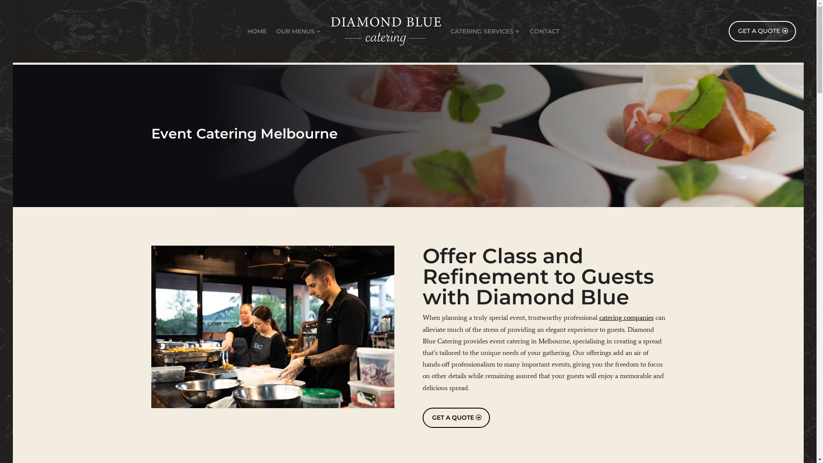 The height and width of the screenshot is (463, 823). What do you see at coordinates (298, 31) in the screenshot?
I see `'OUR MENUS'` at bounding box center [298, 31].